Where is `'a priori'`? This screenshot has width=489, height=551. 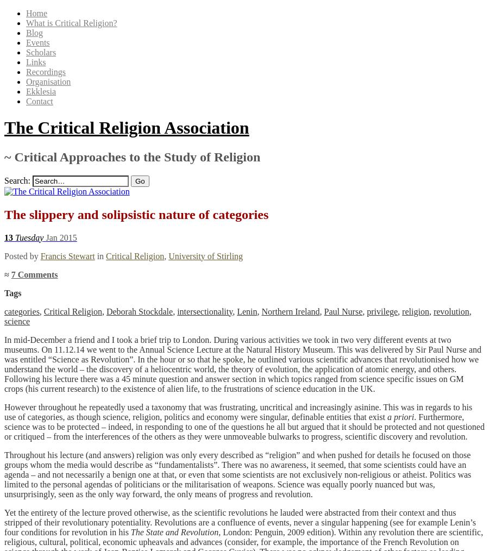 'a priori' is located at coordinates (400, 416).